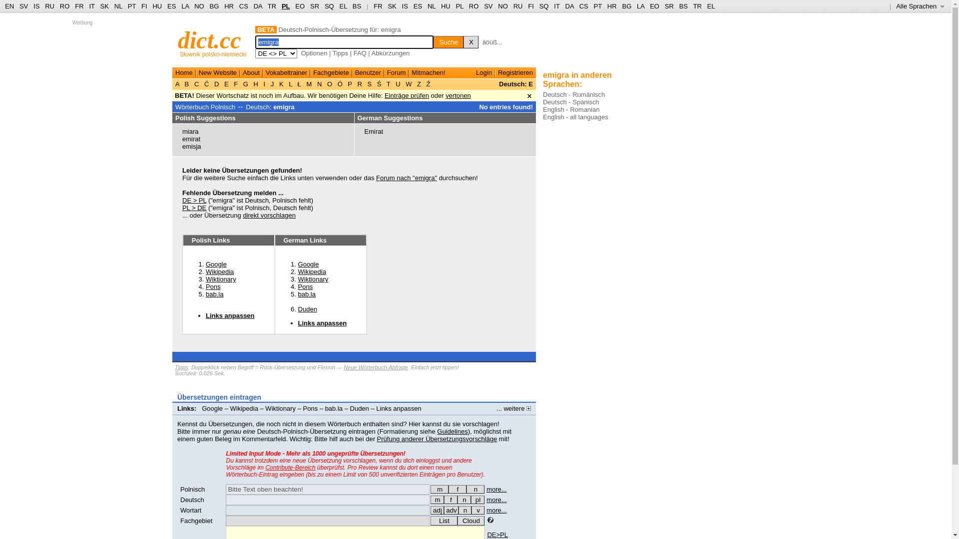 This screenshot has width=959, height=539. I want to click on 'TR', so click(272, 6).